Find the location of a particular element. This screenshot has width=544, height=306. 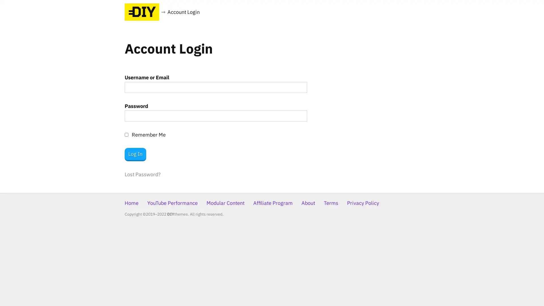

Log In is located at coordinates (135, 154).